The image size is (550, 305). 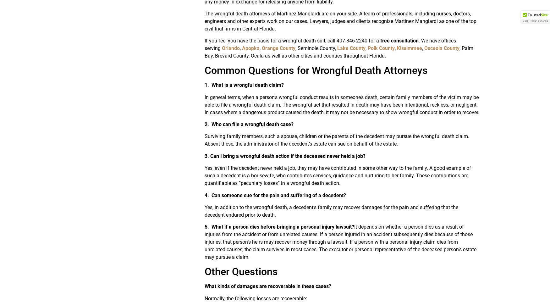 I want to click on 'free consultation', so click(x=398, y=41).